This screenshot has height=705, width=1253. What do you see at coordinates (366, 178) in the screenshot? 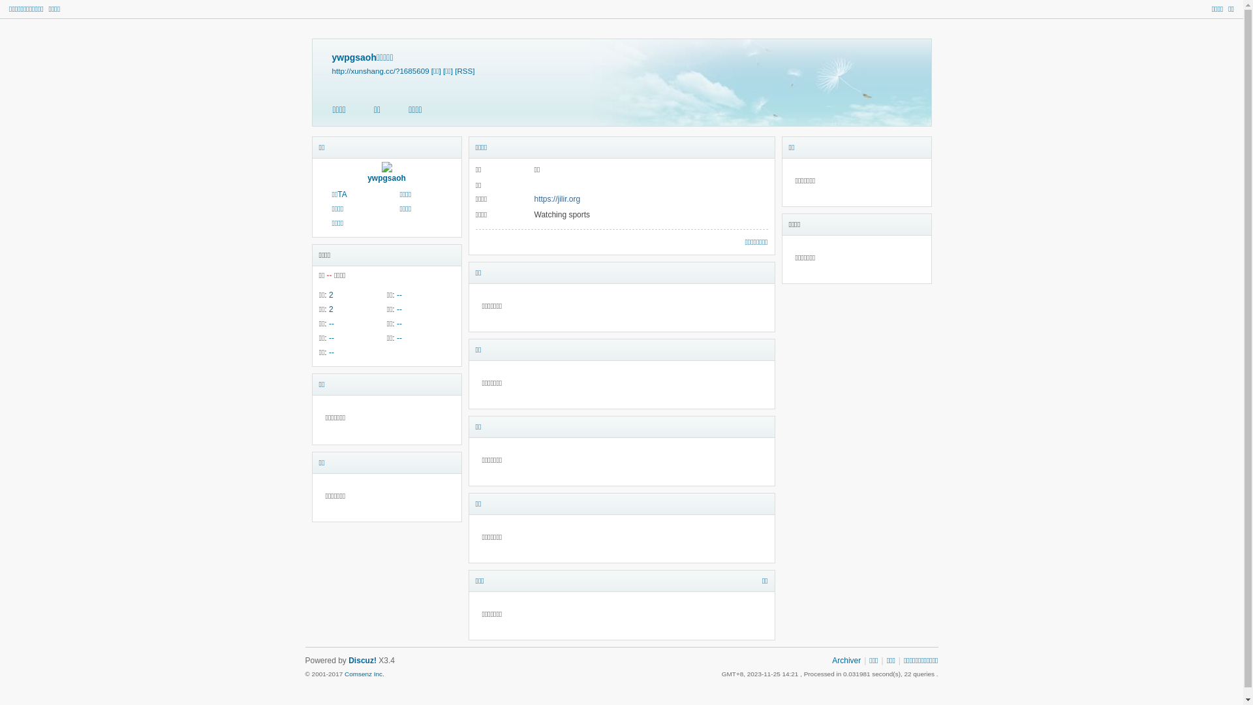
I see `'ywpgsaoh'` at bounding box center [366, 178].